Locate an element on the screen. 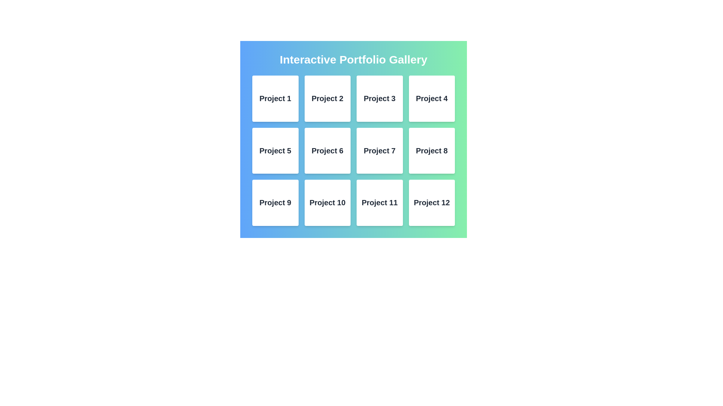  the Interactive card labeled 'Project 1' located in the top-left corner of the grid layout is located at coordinates (275, 98).